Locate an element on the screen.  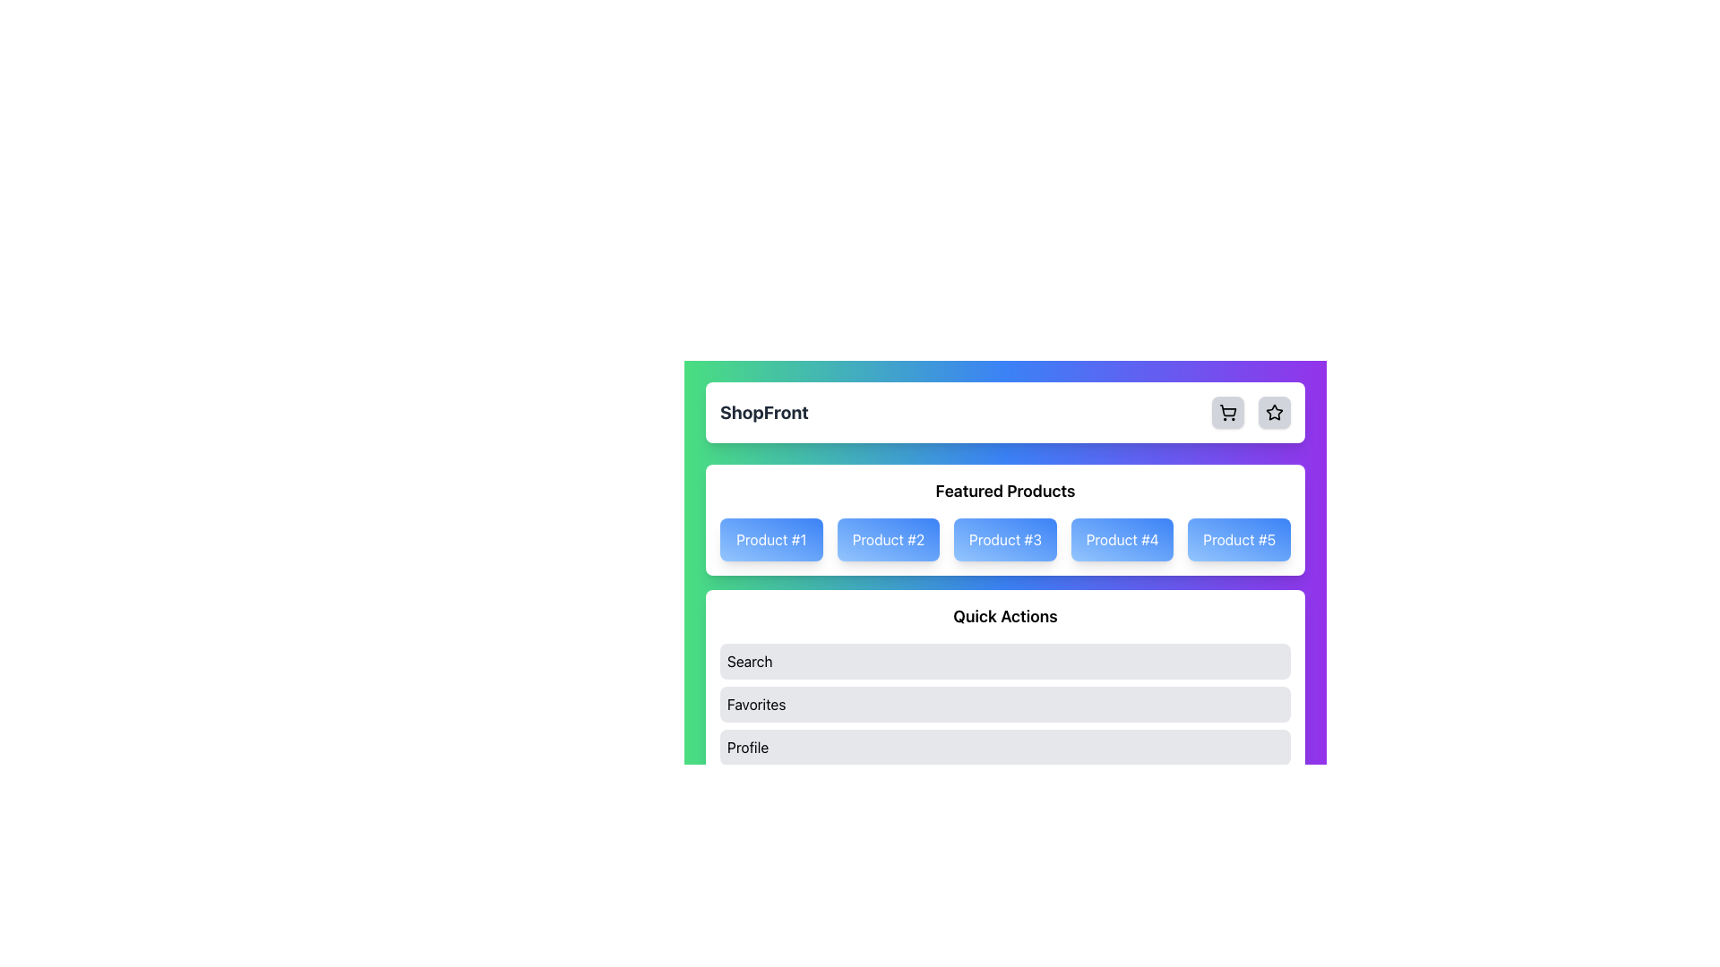
the button labeled 'Product #5' in the 'Featured Products' section is located at coordinates (1238, 538).